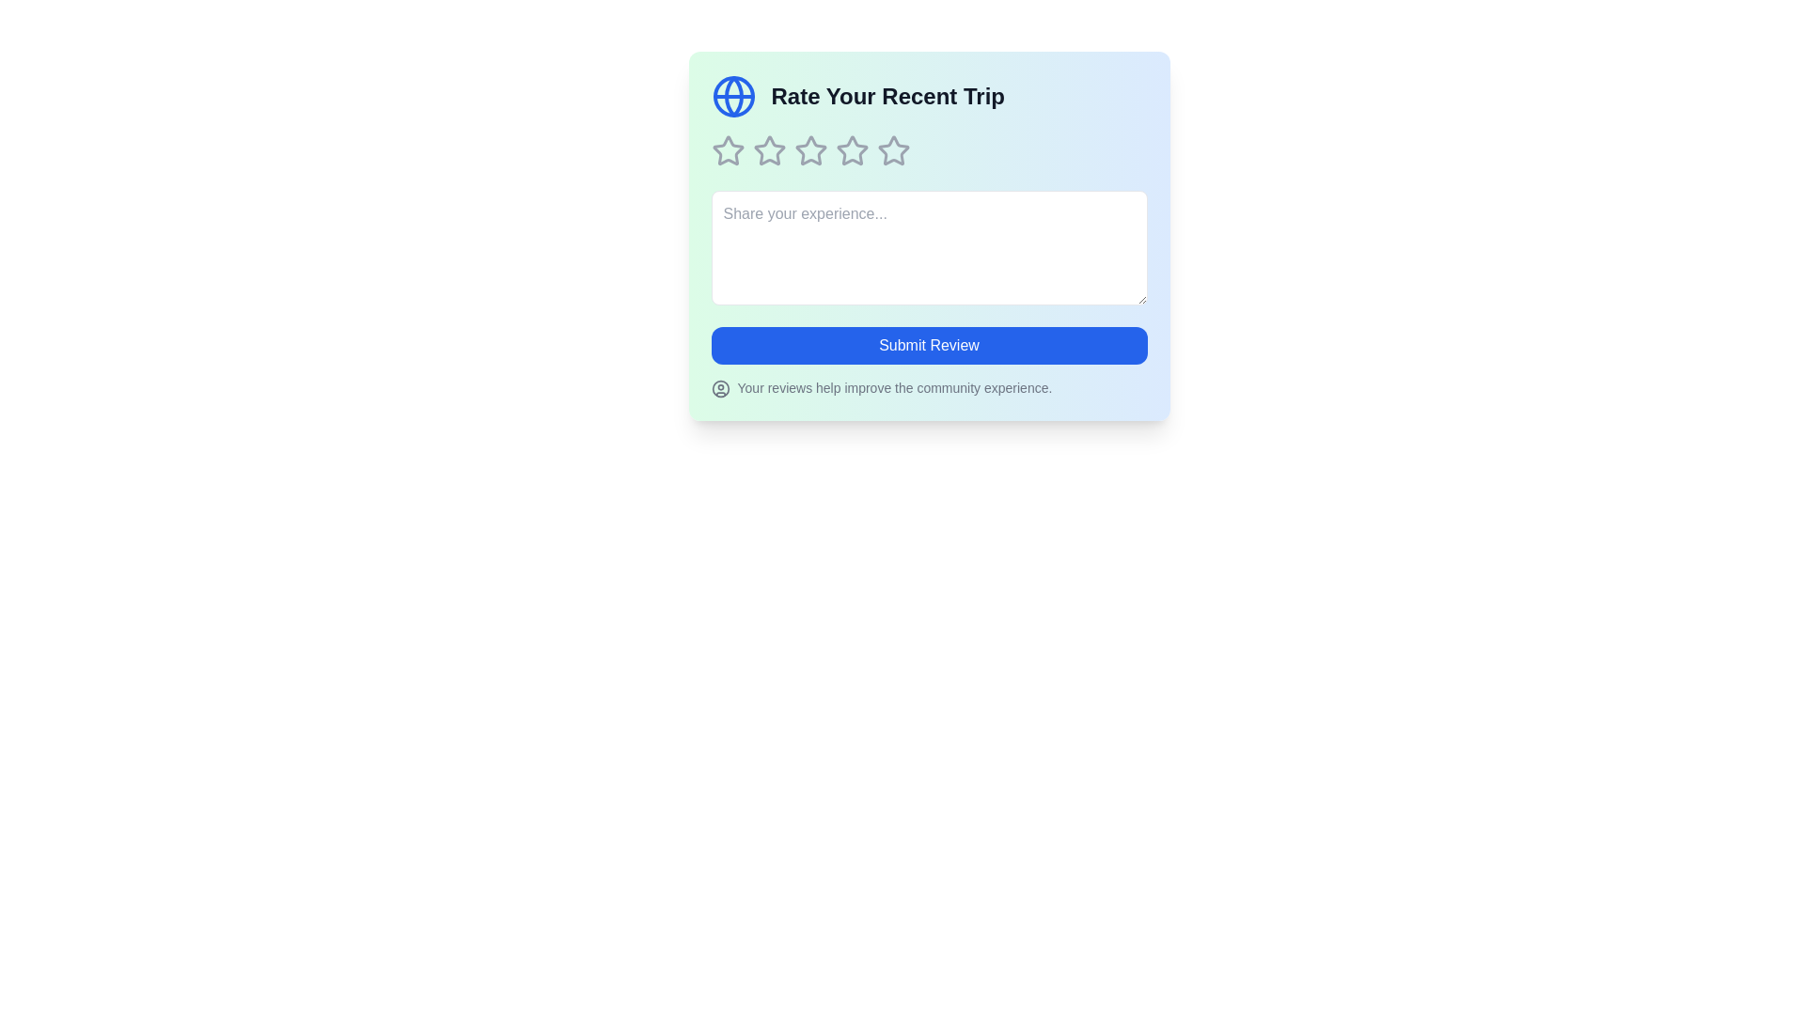 This screenshot has width=1805, height=1015. Describe the element at coordinates (810, 150) in the screenshot. I see `the star corresponding to 3` at that location.